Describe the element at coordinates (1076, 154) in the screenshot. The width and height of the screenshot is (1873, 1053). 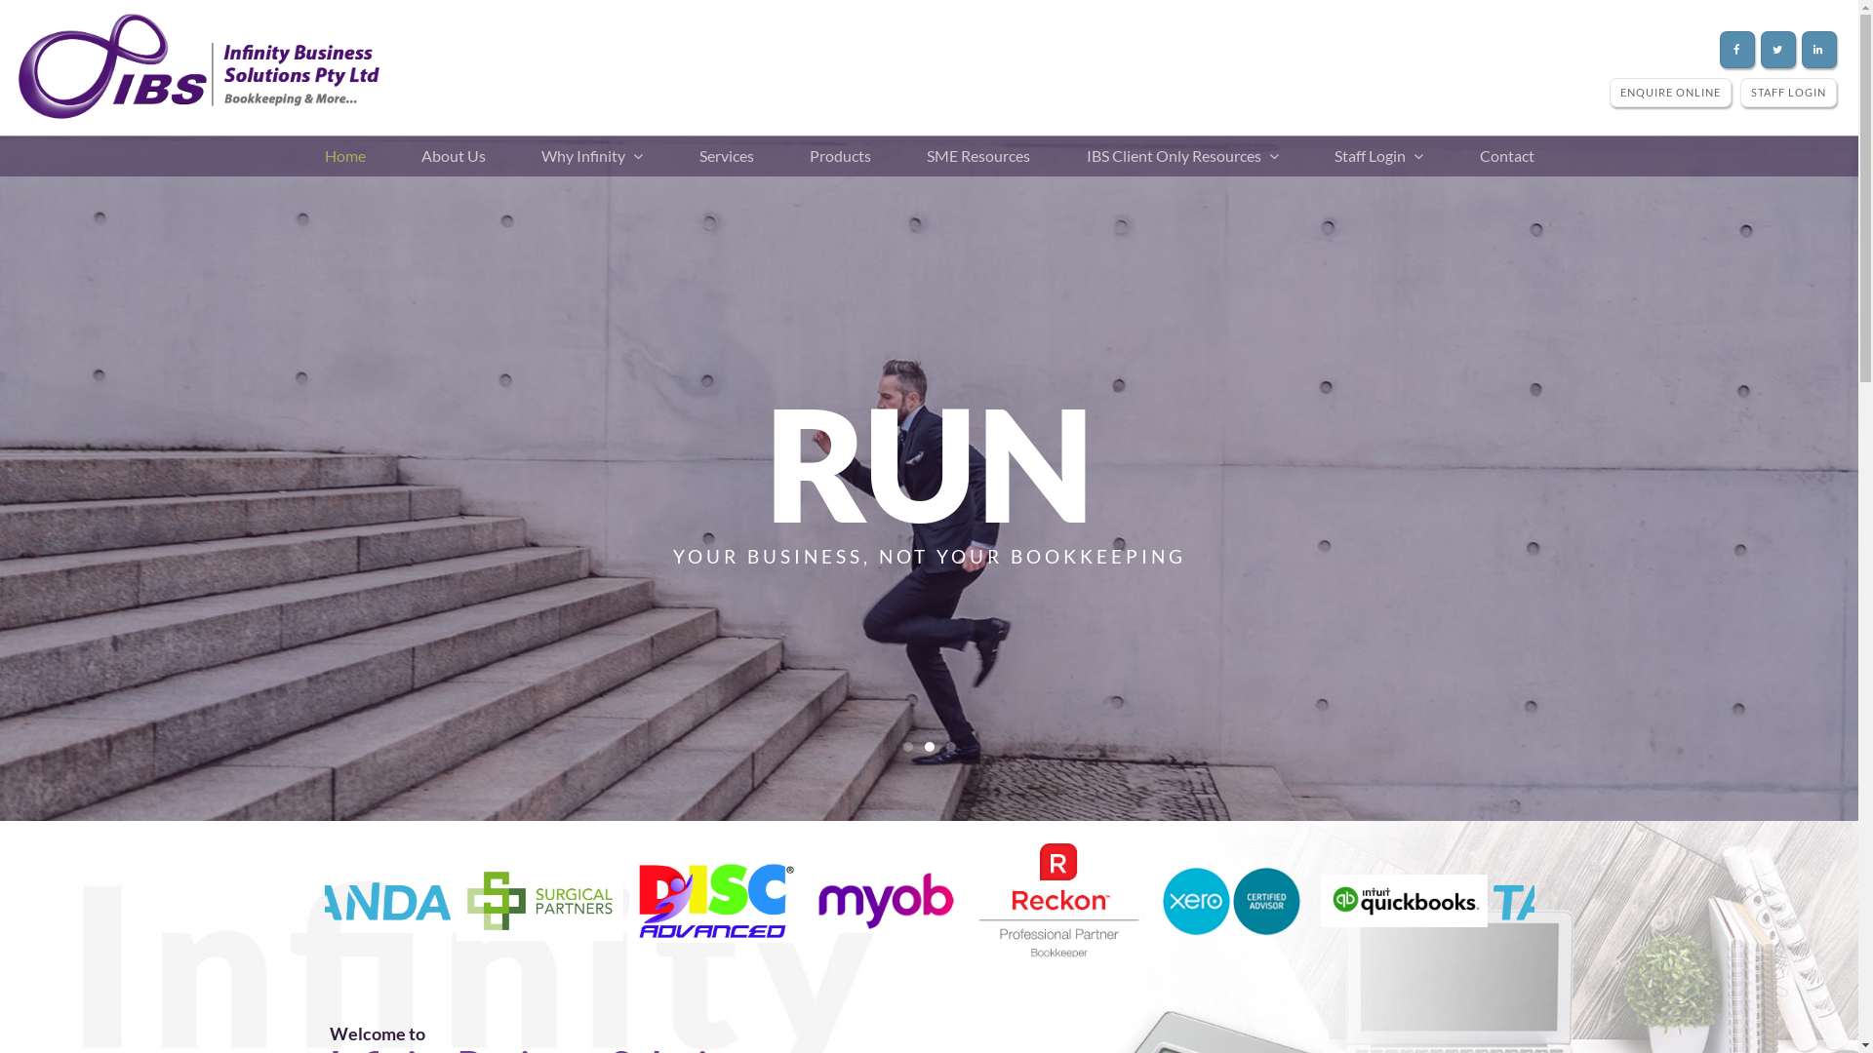
I see `'IBS Client Only Resources'` at that location.